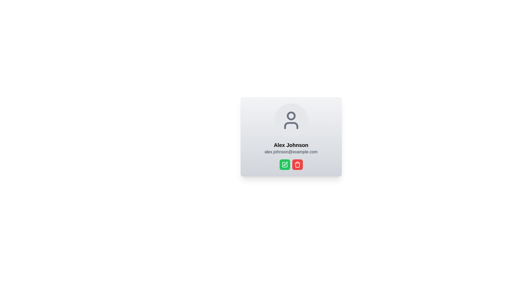 The width and height of the screenshot is (506, 285). I want to click on the semicircular line forming the lower part of the user icon, which is styled in a simple and minimalistic outline design and located just below the head circle within the user icon, so click(291, 125).